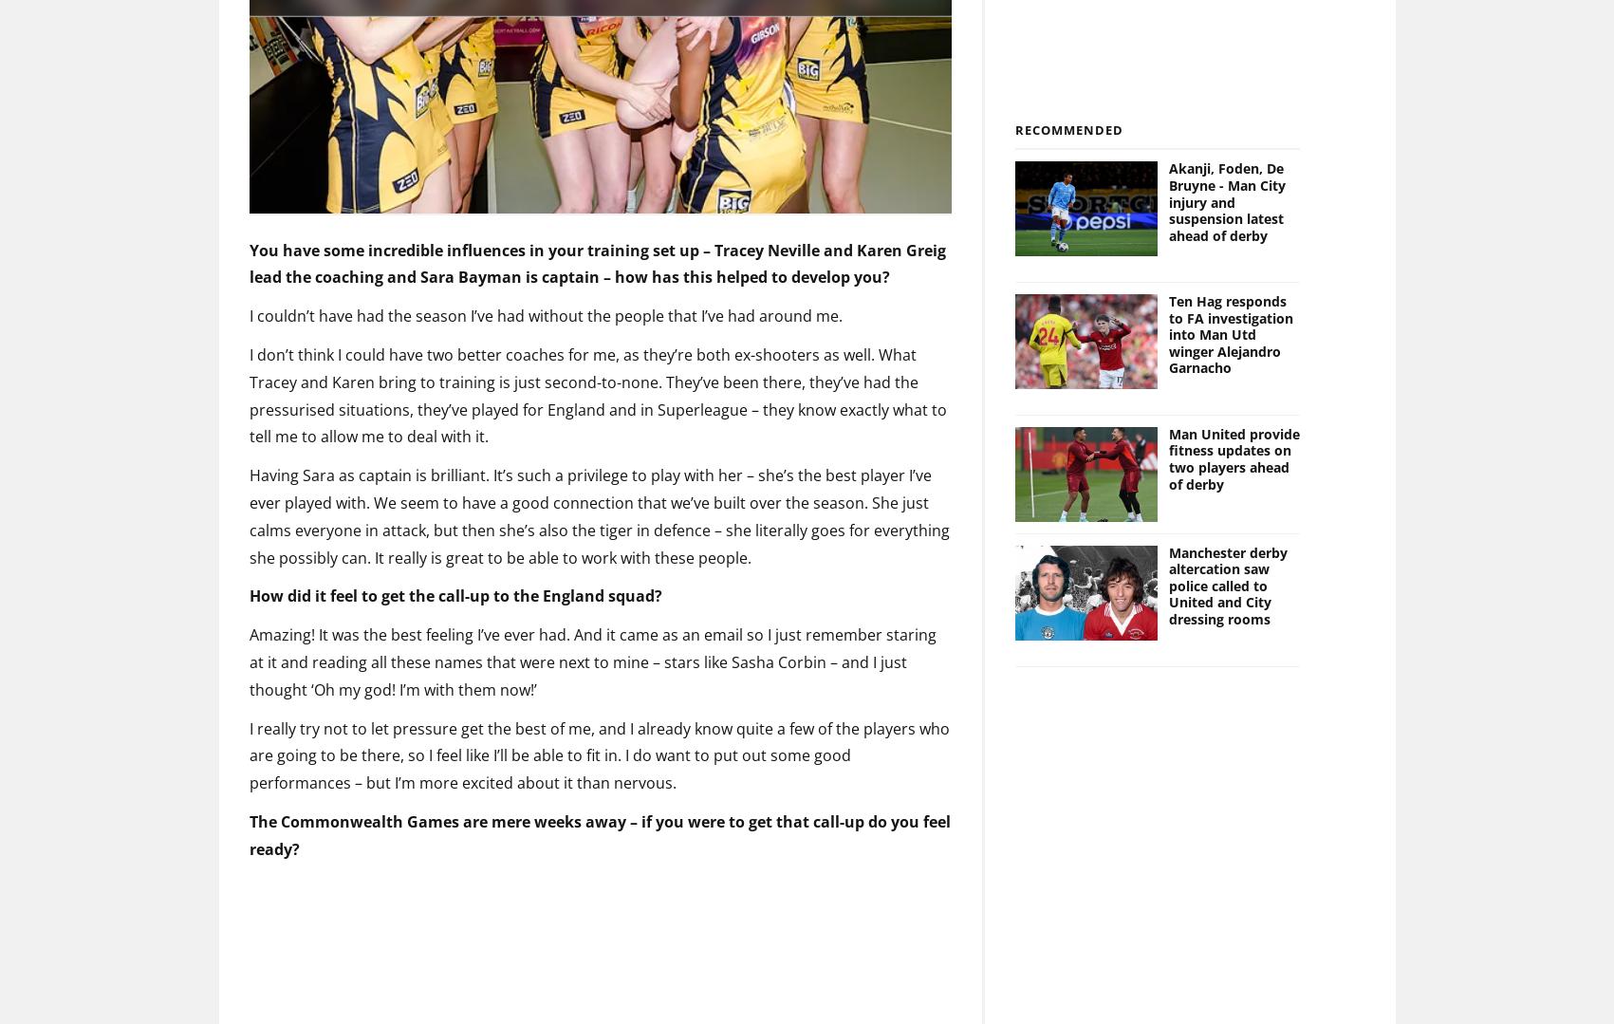 This screenshot has width=1614, height=1024. What do you see at coordinates (248, 803) in the screenshot?
I see `'The Commonwealth Games are mere weeks away – if you were to get that call-up do you feel ready?'` at bounding box center [248, 803].